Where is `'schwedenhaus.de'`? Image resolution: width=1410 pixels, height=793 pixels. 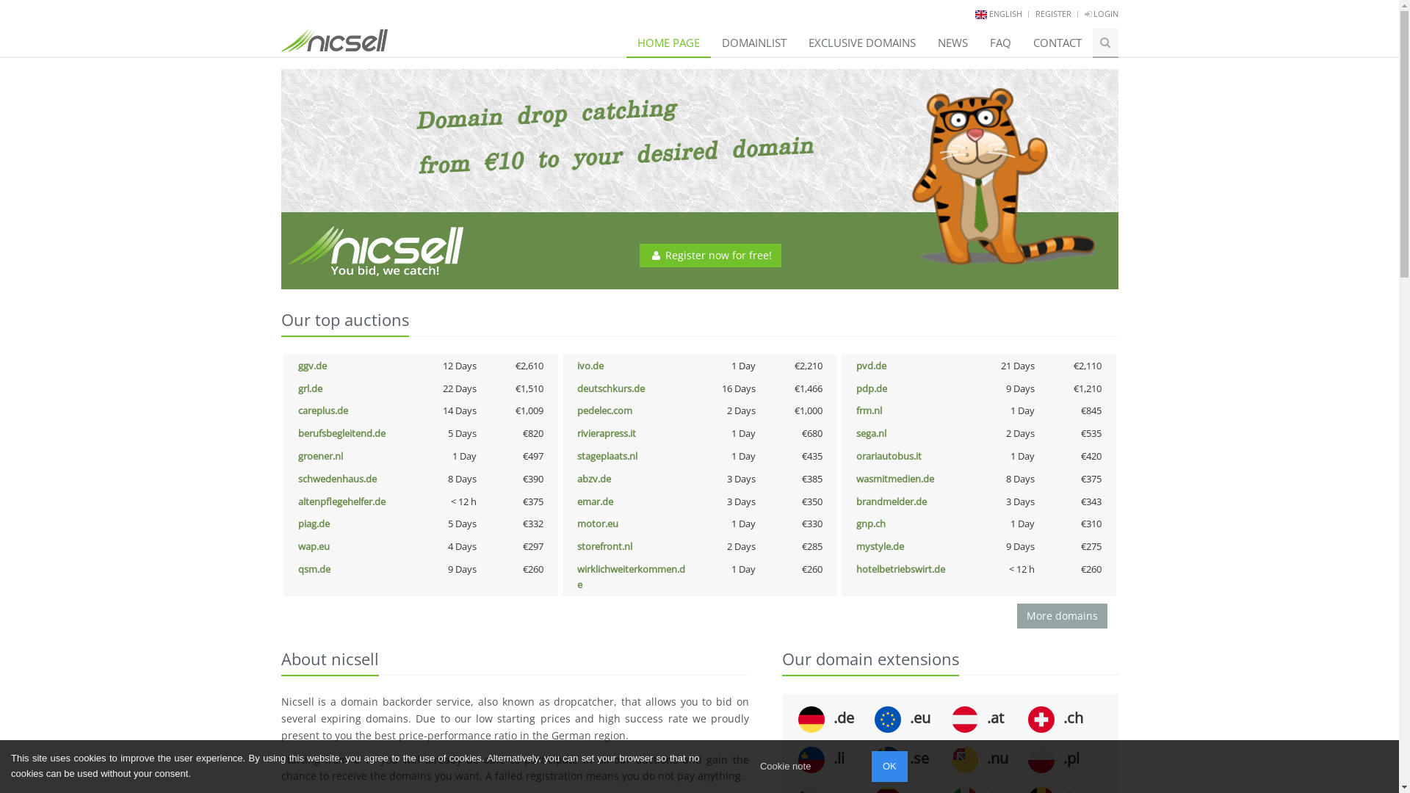 'schwedenhaus.de' is located at coordinates (336, 478).